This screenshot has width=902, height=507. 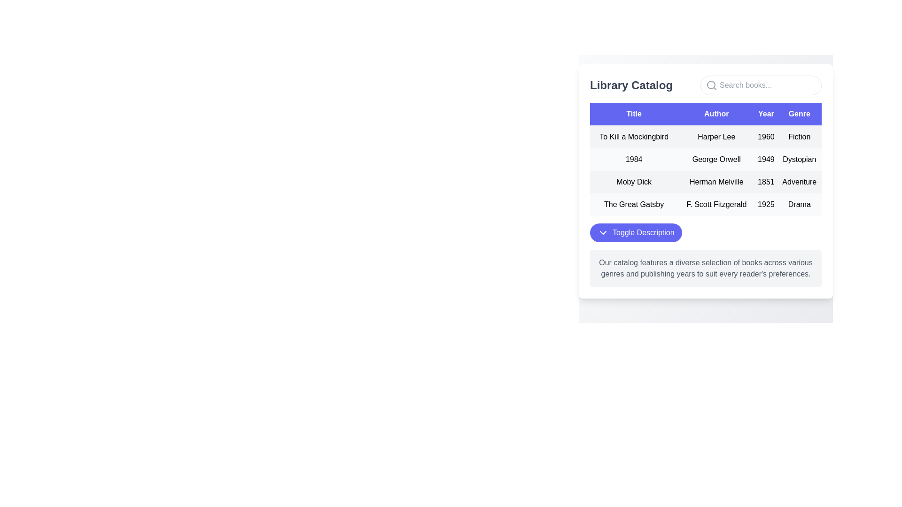 I want to click on the chevron arrow icon located to the left of the 'Toggle Description' text within the blue button at the bottom of the 'Library Catalog' panel, so click(x=603, y=232).